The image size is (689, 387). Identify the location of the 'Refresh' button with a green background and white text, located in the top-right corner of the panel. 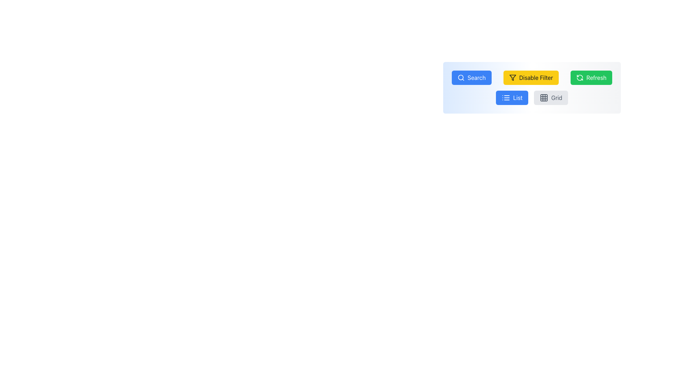
(591, 77).